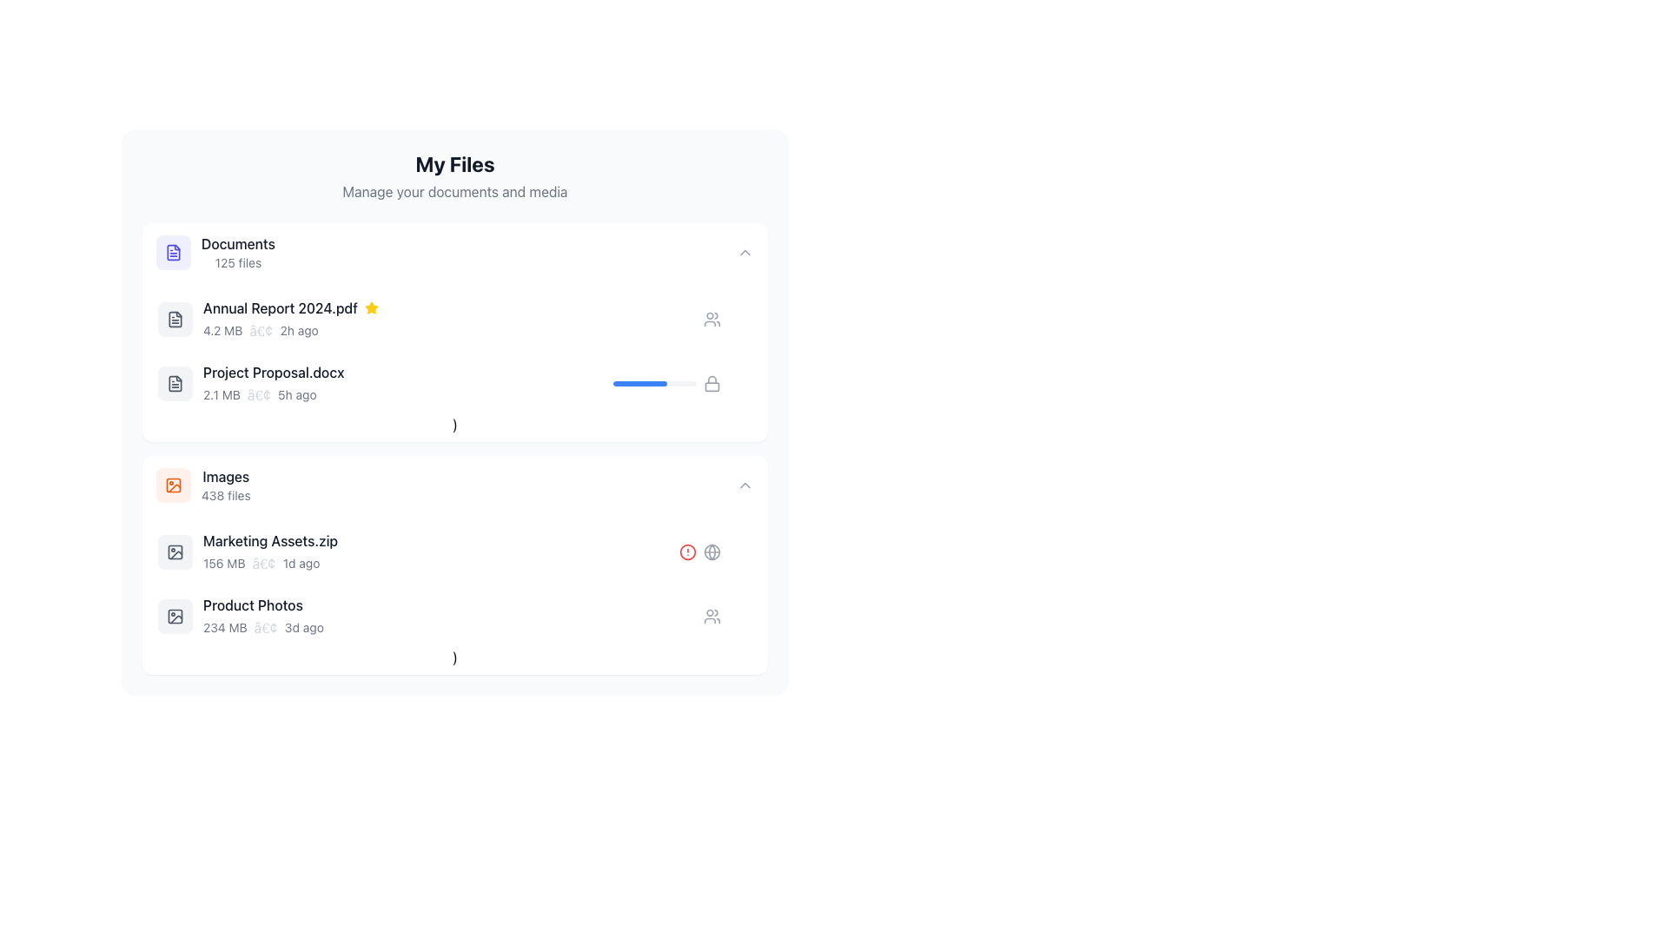  What do you see at coordinates (237, 263) in the screenshot?
I see `the label displaying '125 files' which is located directly beneath the 'Documents' label in a small, gray font` at bounding box center [237, 263].